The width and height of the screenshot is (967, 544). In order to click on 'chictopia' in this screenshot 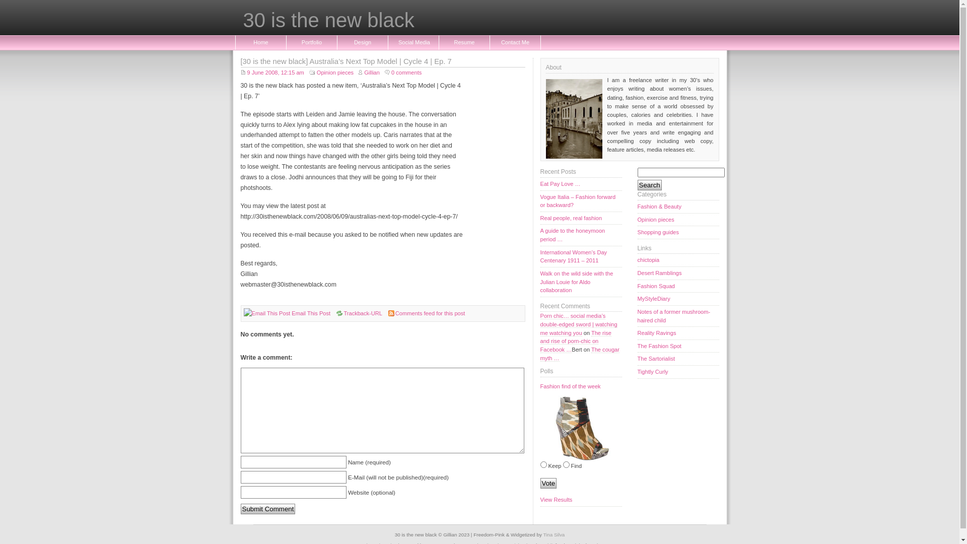, I will do `click(678, 259)`.